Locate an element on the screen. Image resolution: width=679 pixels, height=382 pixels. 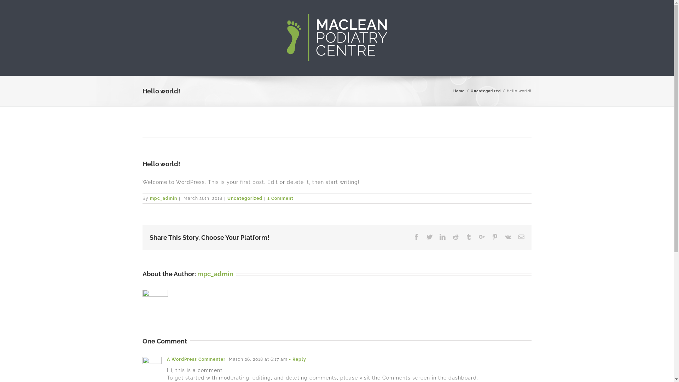
'Uncategorized' is located at coordinates (485, 91).